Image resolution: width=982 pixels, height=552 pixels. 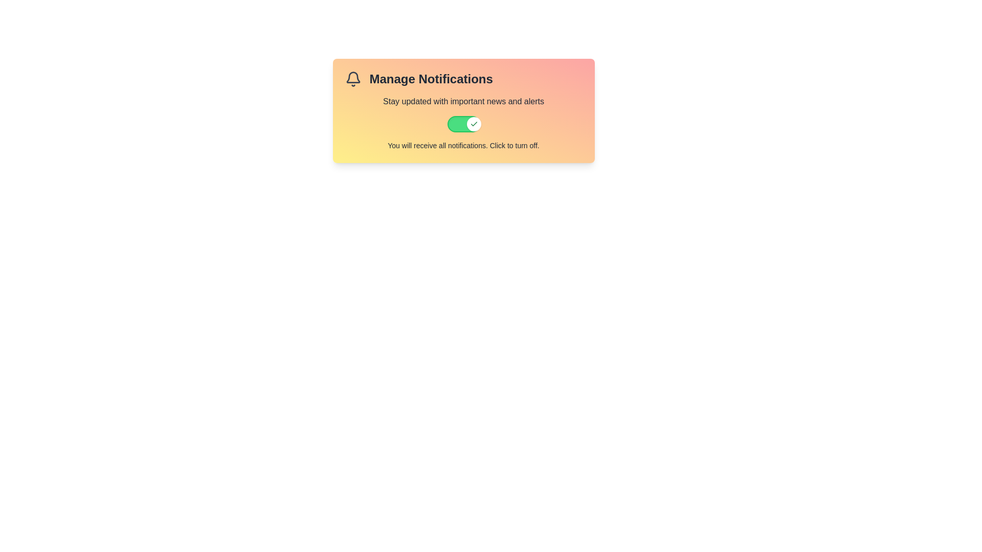 What do you see at coordinates (473, 124) in the screenshot?
I see `the state of the checkmark icon, styled with a green stroke and located within the white circular background of the toggle switch in the notification settings card` at bounding box center [473, 124].